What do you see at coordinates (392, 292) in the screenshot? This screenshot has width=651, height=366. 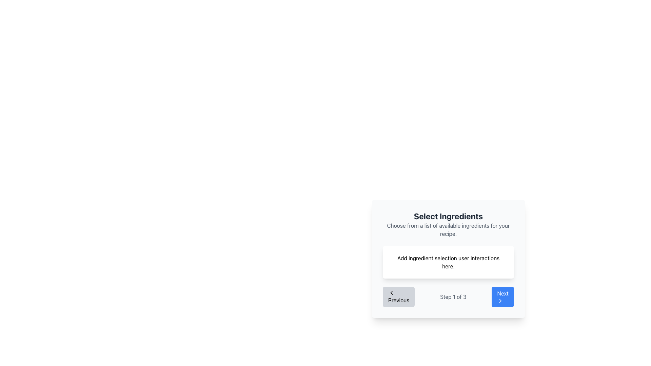 I see `the left-facing chevron icon within the 'Previous' button, which is styled with a simple outline and has a gray background indicating inactivity` at bounding box center [392, 292].